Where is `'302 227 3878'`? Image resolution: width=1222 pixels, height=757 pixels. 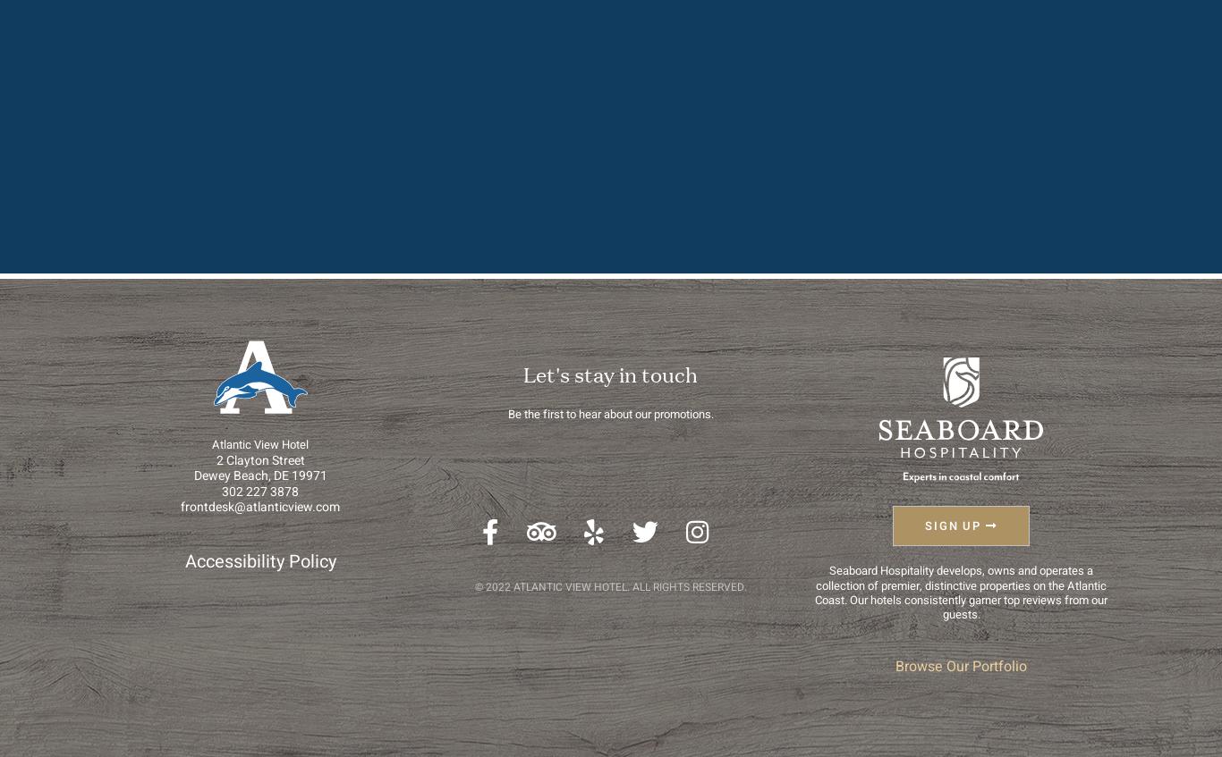 '302 227 3878' is located at coordinates (222, 491).